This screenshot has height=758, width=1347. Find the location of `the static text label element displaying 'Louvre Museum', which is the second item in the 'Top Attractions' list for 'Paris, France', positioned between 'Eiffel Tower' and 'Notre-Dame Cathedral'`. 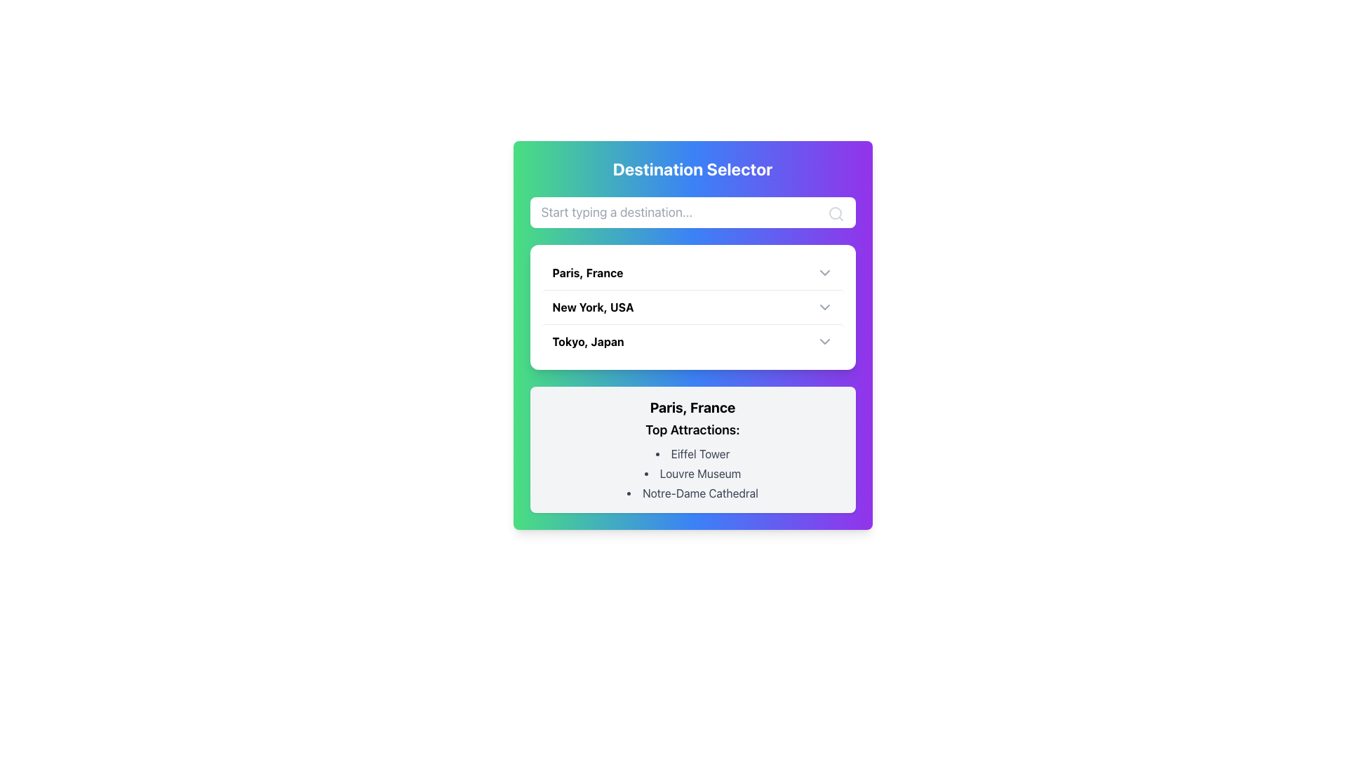

the static text label element displaying 'Louvre Museum', which is the second item in the 'Top Attractions' list for 'Paris, France', positioned between 'Eiffel Tower' and 'Notre-Dame Cathedral' is located at coordinates (692, 474).